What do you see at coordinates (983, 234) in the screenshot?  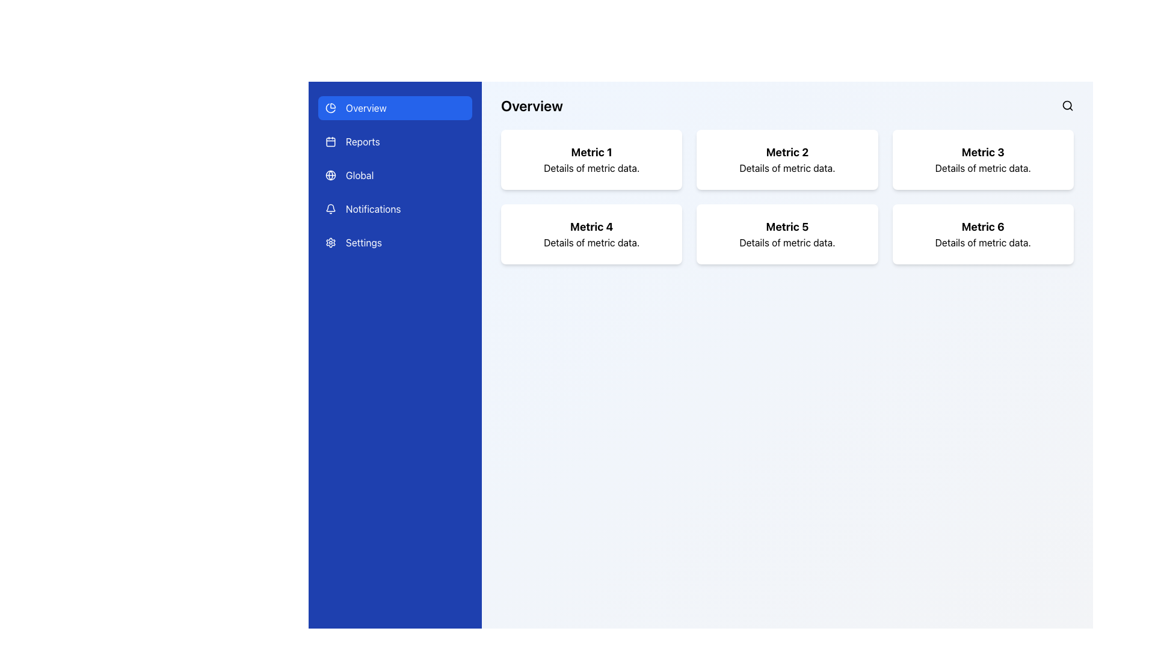 I see `the 'Metric 6' Interactive Card located at the bottom-right corner of the grid structure` at bounding box center [983, 234].